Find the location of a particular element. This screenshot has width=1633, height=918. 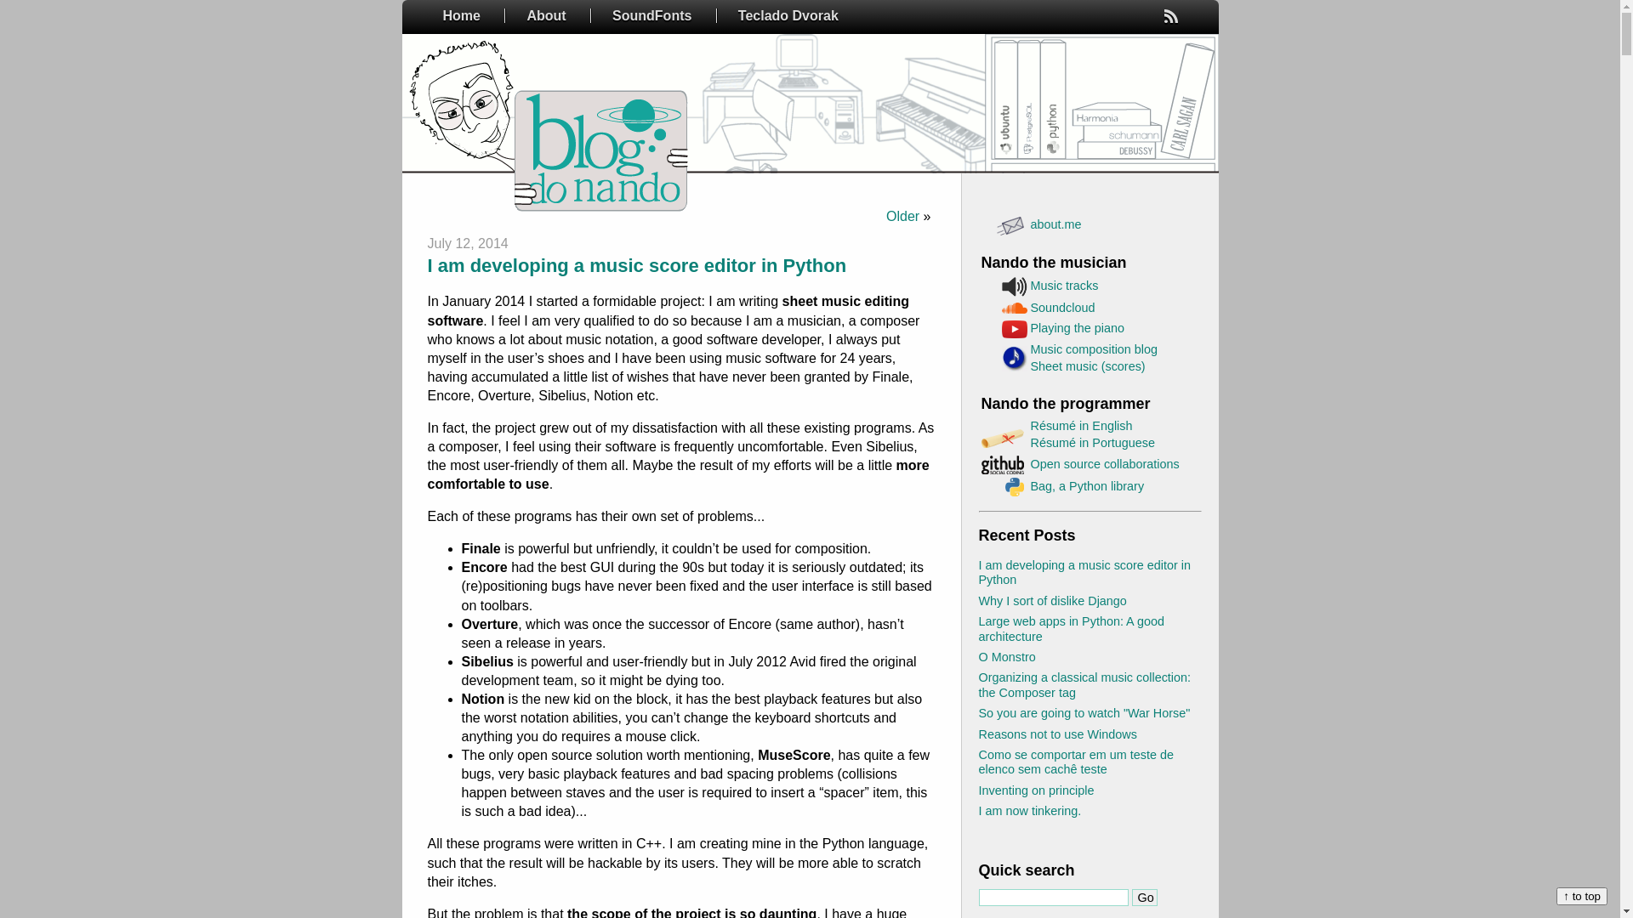

'Why I sort of dislike Django' is located at coordinates (978, 599).